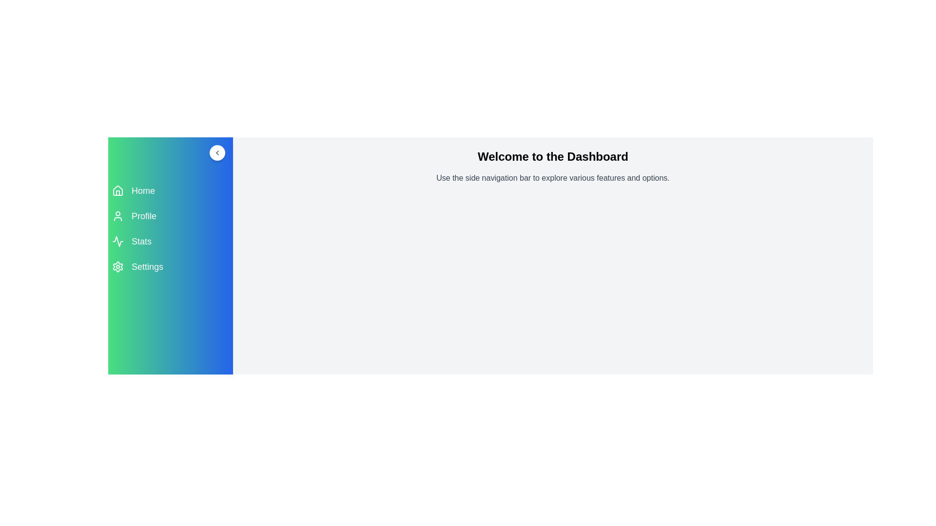  What do you see at coordinates (171, 241) in the screenshot?
I see `the 'Stats' button, which is the third entry in the vertical menu list on the left sidebar, located between 'Profile' and 'Settings'` at bounding box center [171, 241].